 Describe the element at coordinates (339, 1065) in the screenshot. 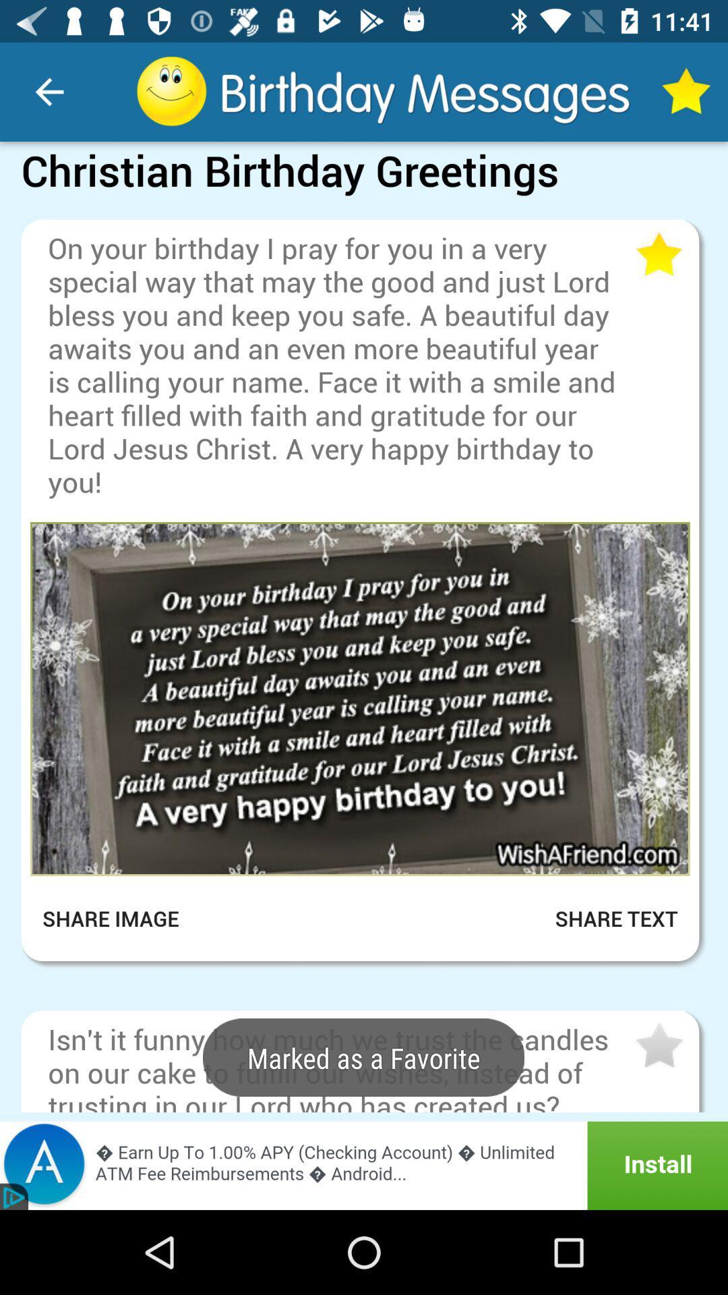

I see `isn t it icon` at that location.